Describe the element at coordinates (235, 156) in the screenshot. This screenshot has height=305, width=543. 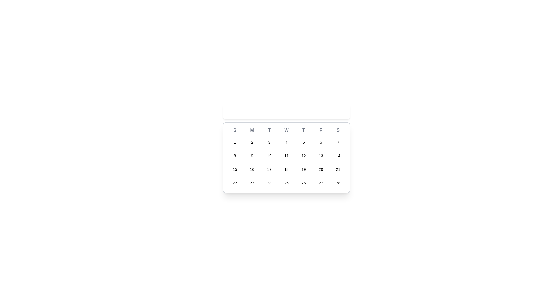
I see `the button labeled '8'` at that location.